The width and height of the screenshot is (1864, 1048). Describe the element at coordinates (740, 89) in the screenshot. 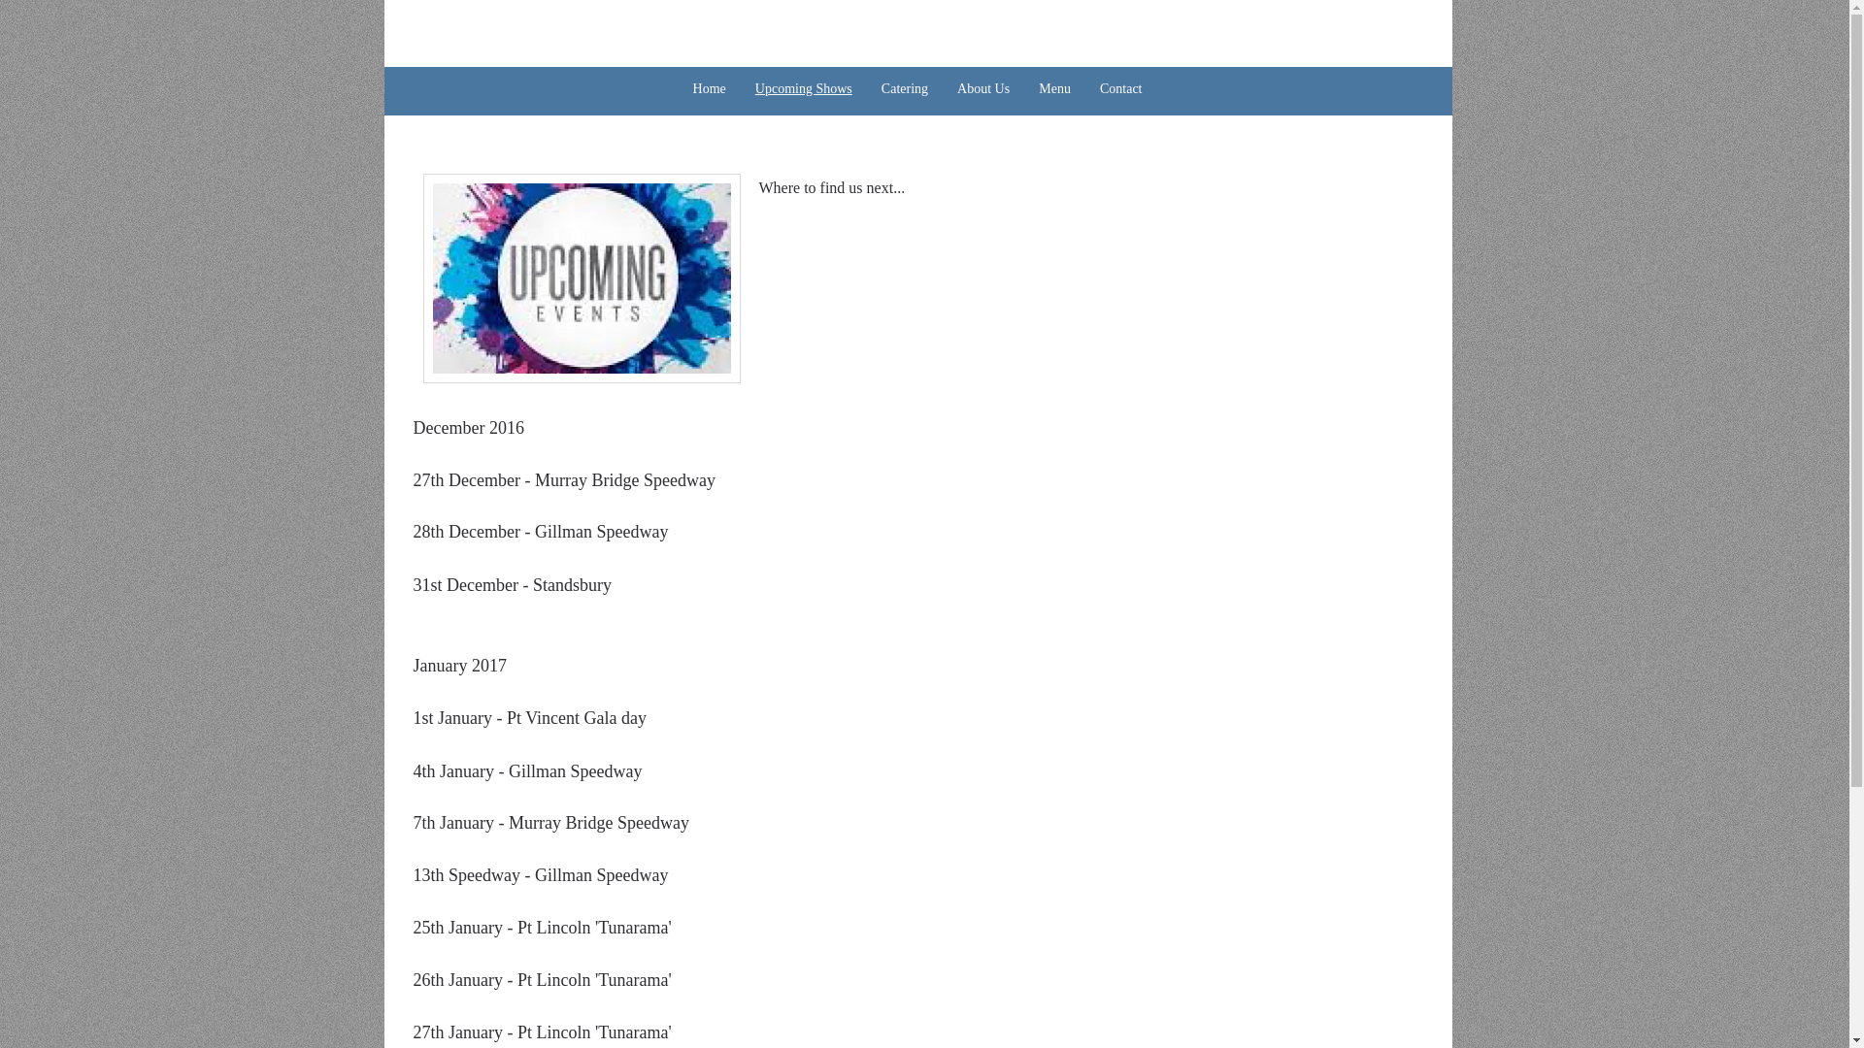

I see `'Upcoming Shows'` at that location.